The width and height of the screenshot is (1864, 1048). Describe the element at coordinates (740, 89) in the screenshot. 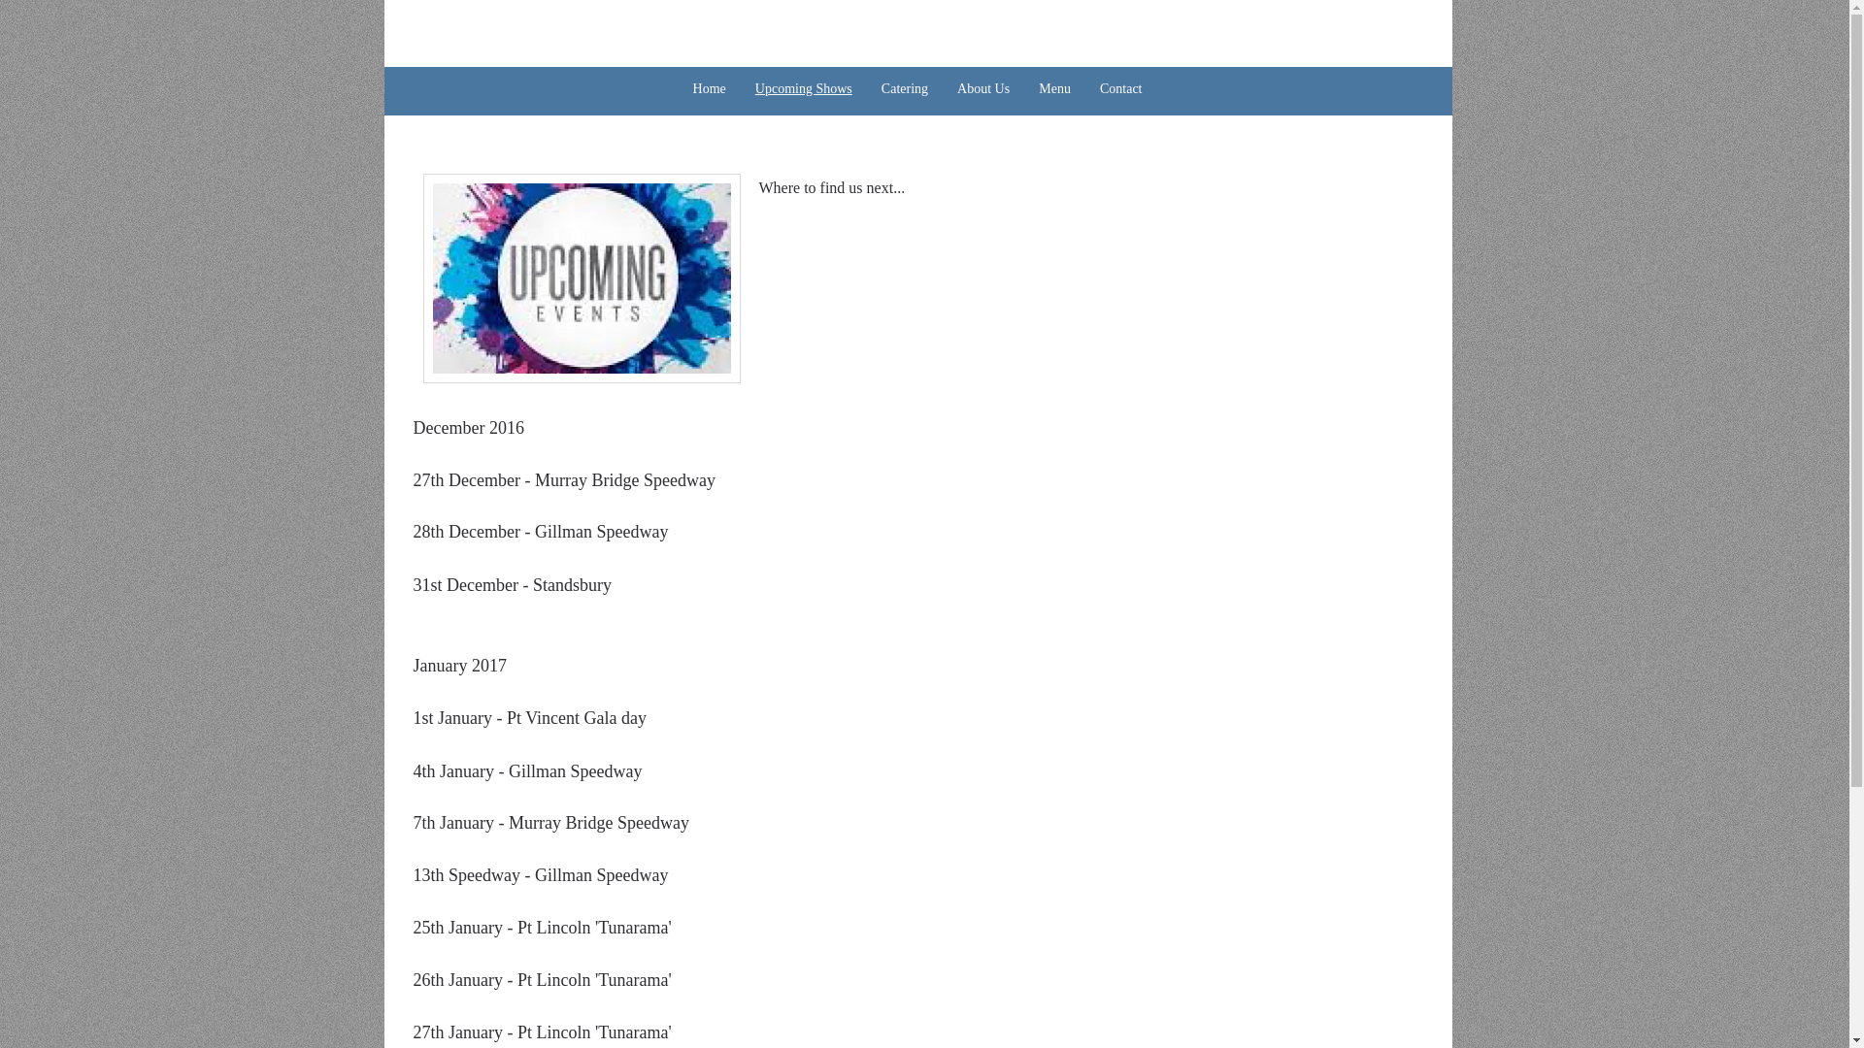

I see `'Upcoming Shows'` at that location.